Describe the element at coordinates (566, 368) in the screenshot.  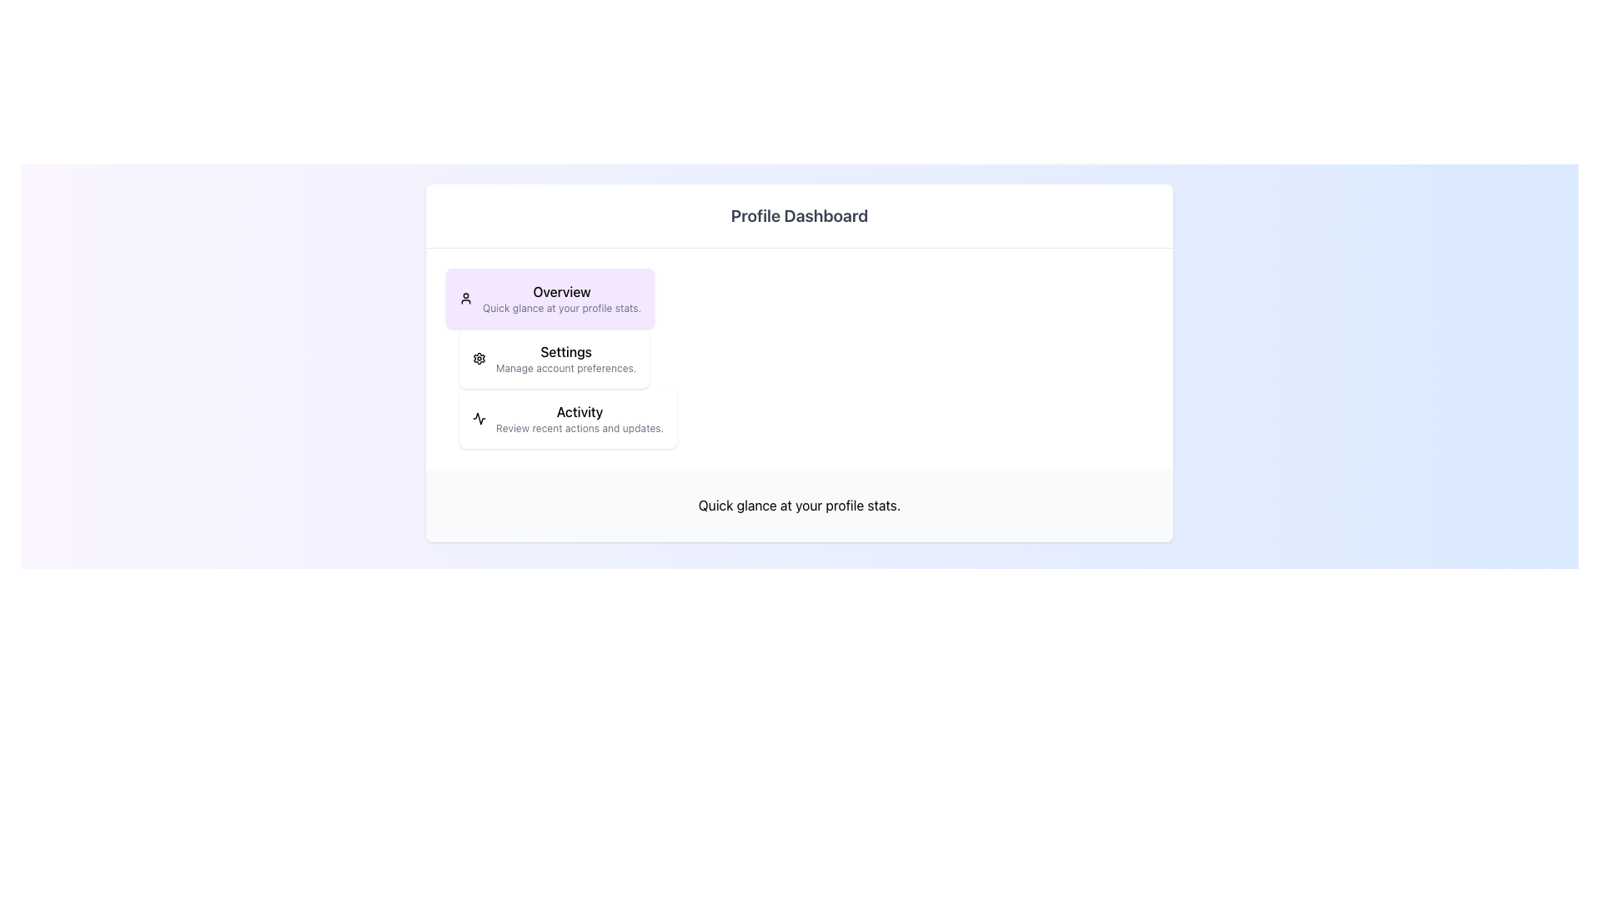
I see `the text label providing additional information about the 'Settings' section, located directly below the 'Settings' text in the second panel` at that location.